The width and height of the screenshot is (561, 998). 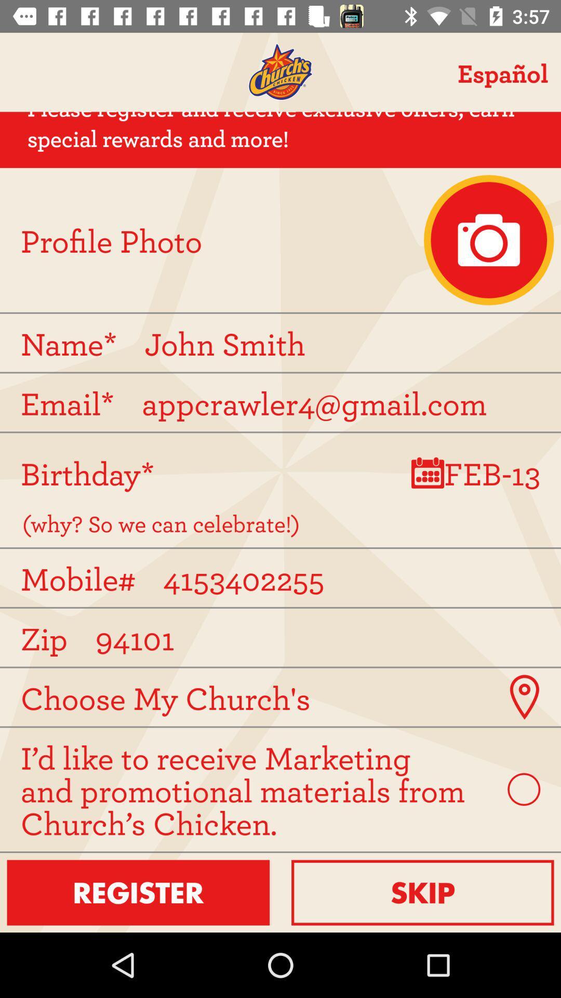 What do you see at coordinates (280, 71) in the screenshot?
I see `homepage` at bounding box center [280, 71].